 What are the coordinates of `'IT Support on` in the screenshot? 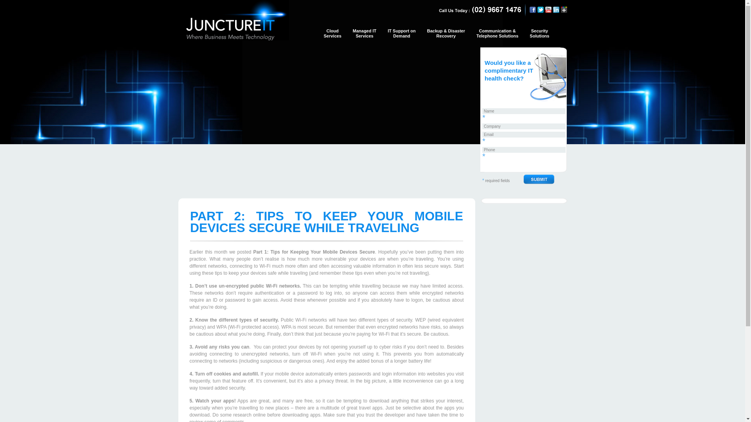 It's located at (401, 36).